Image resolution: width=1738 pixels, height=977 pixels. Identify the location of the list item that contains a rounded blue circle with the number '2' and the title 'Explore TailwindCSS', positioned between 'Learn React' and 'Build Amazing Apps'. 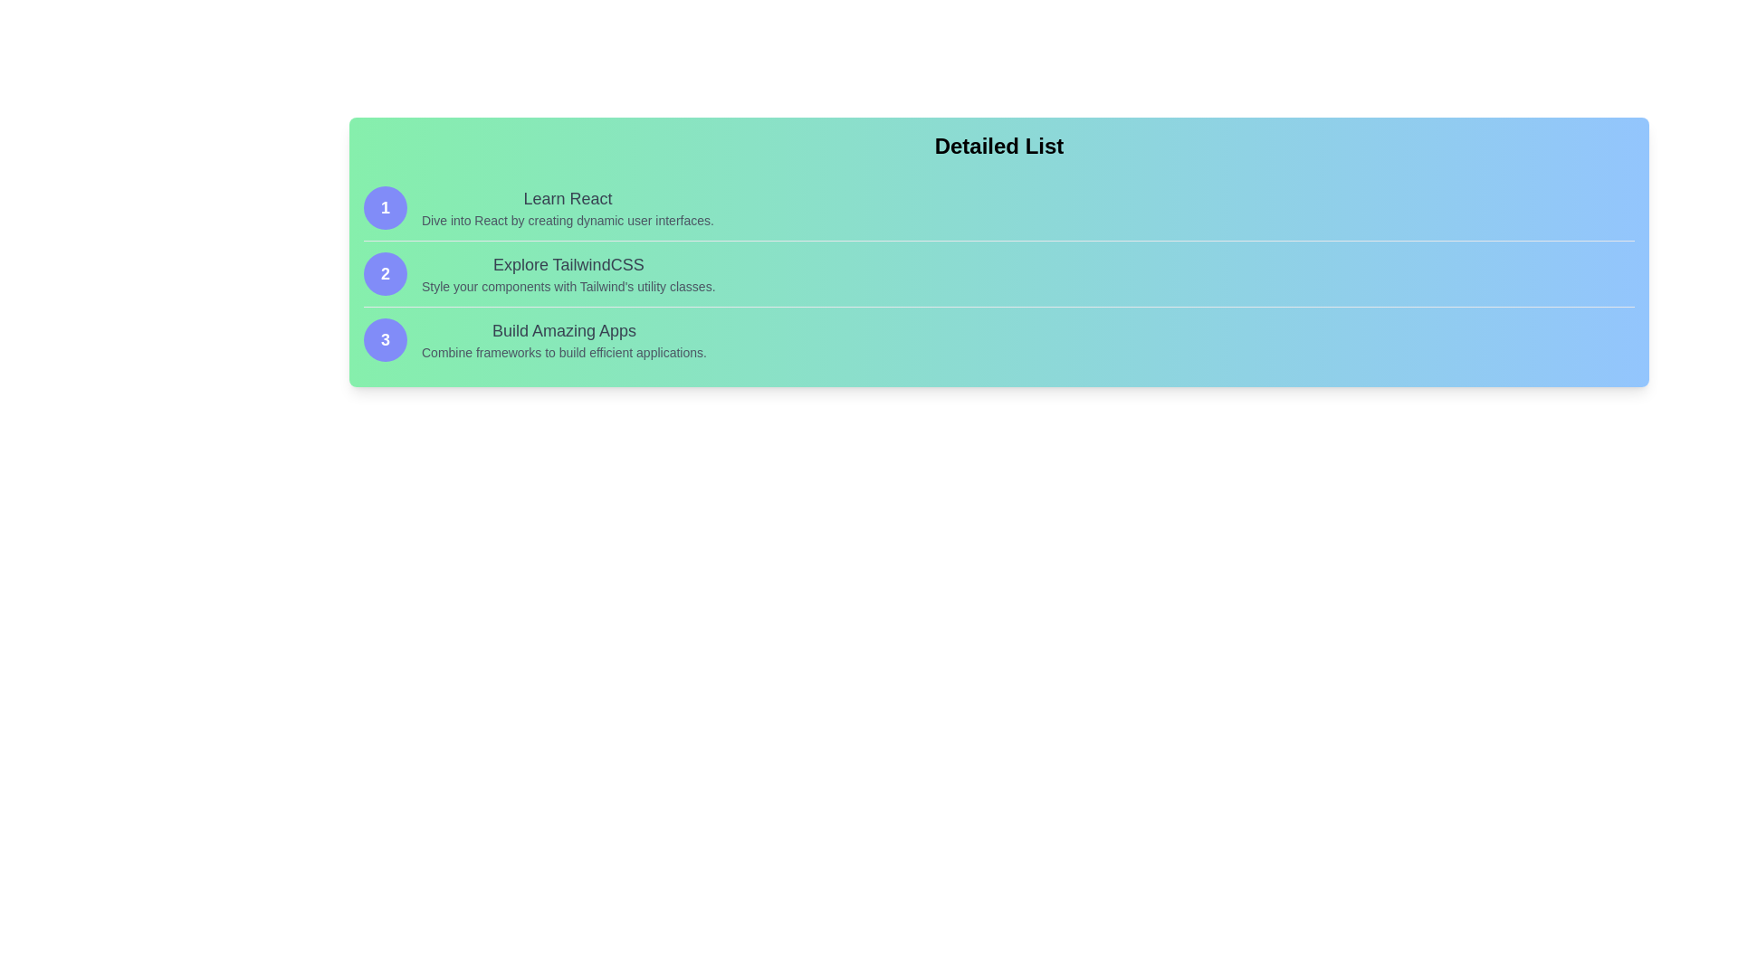
(998, 273).